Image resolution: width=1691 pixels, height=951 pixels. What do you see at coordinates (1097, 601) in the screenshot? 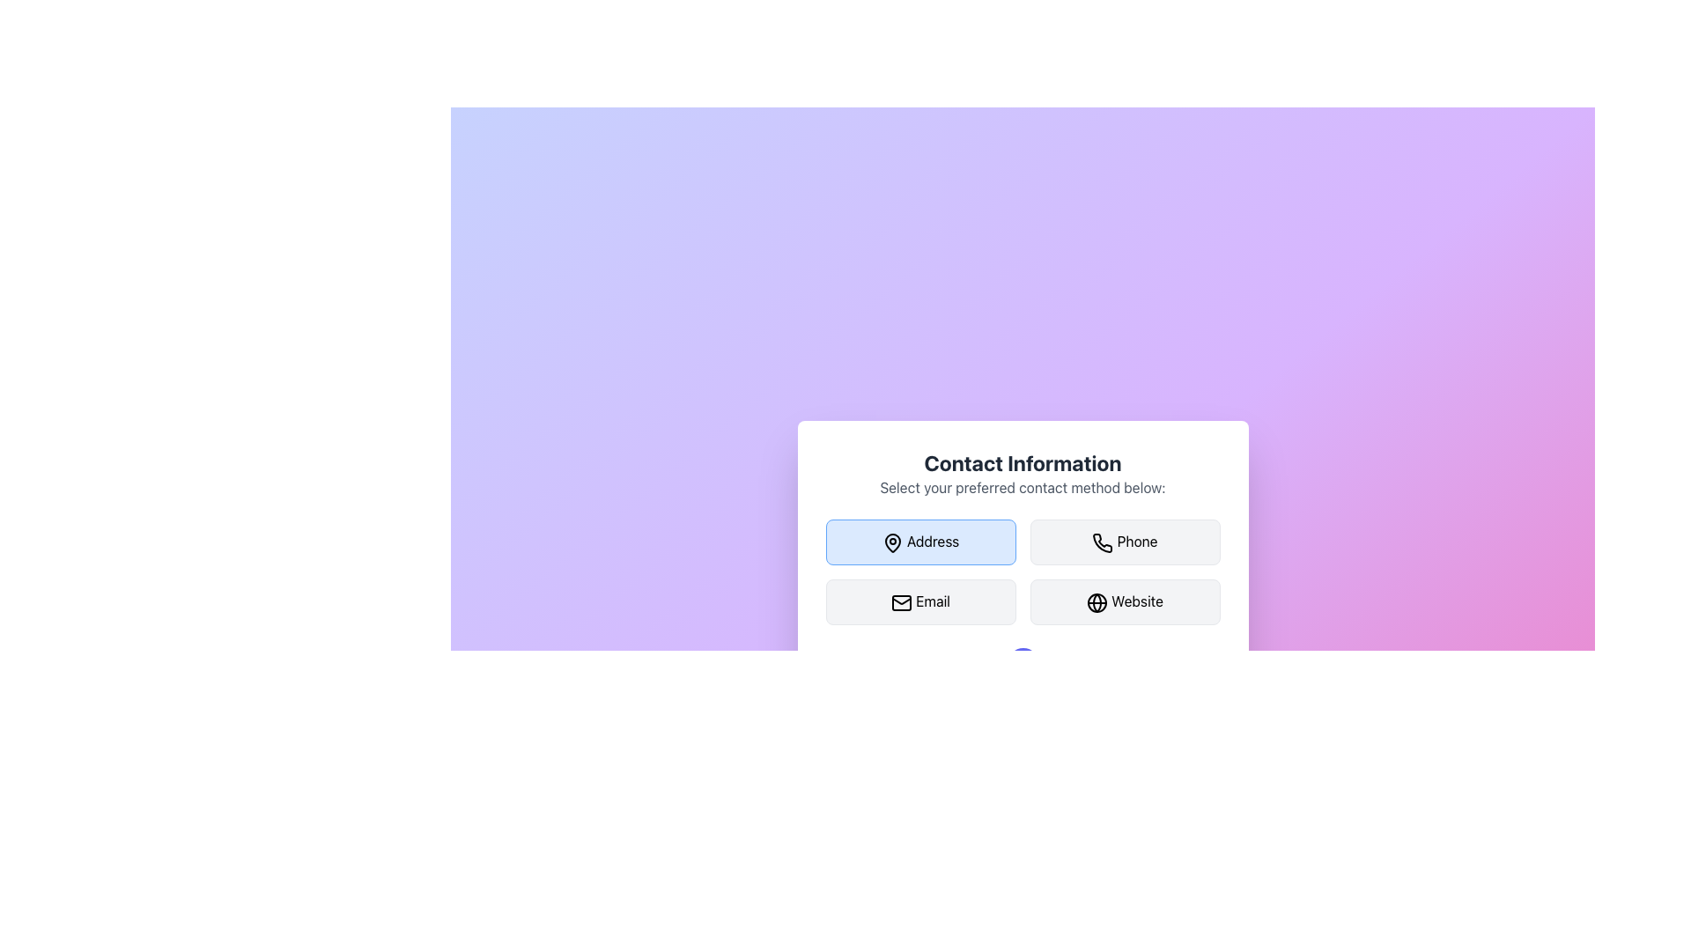
I see `the 'Website' icon located in the Contact Information section` at bounding box center [1097, 601].